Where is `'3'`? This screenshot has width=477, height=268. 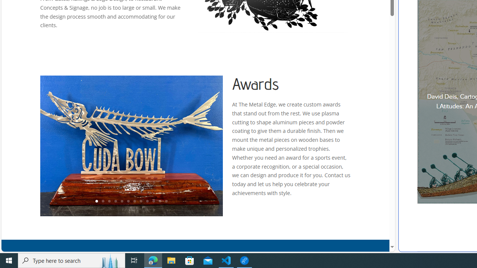
'3' is located at coordinates (109, 201).